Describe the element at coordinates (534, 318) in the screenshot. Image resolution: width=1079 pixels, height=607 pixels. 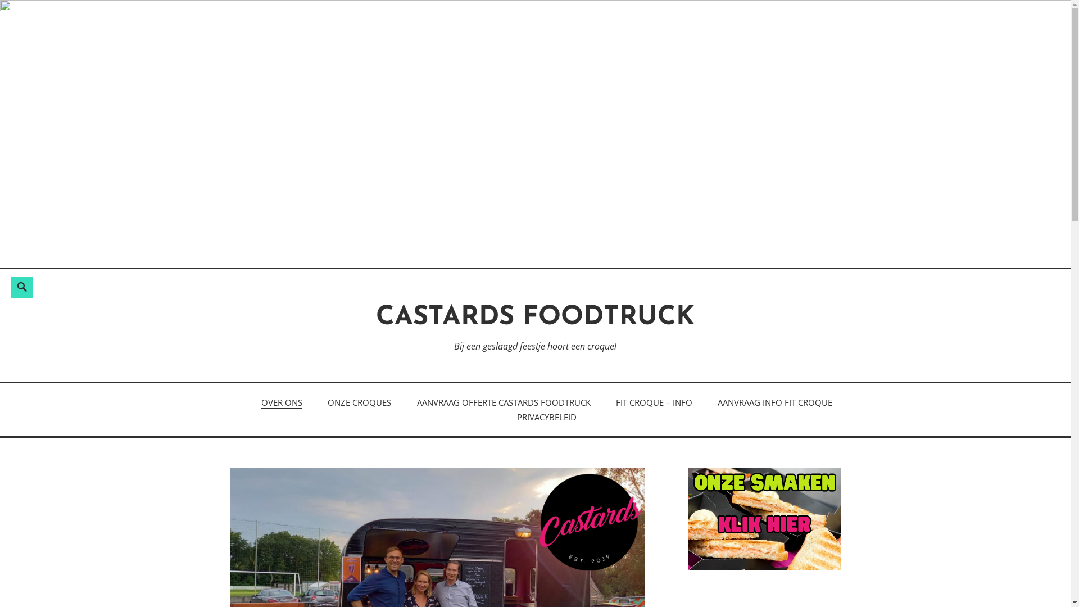
I see `'CASTARDS FOODTRUCK'` at that location.